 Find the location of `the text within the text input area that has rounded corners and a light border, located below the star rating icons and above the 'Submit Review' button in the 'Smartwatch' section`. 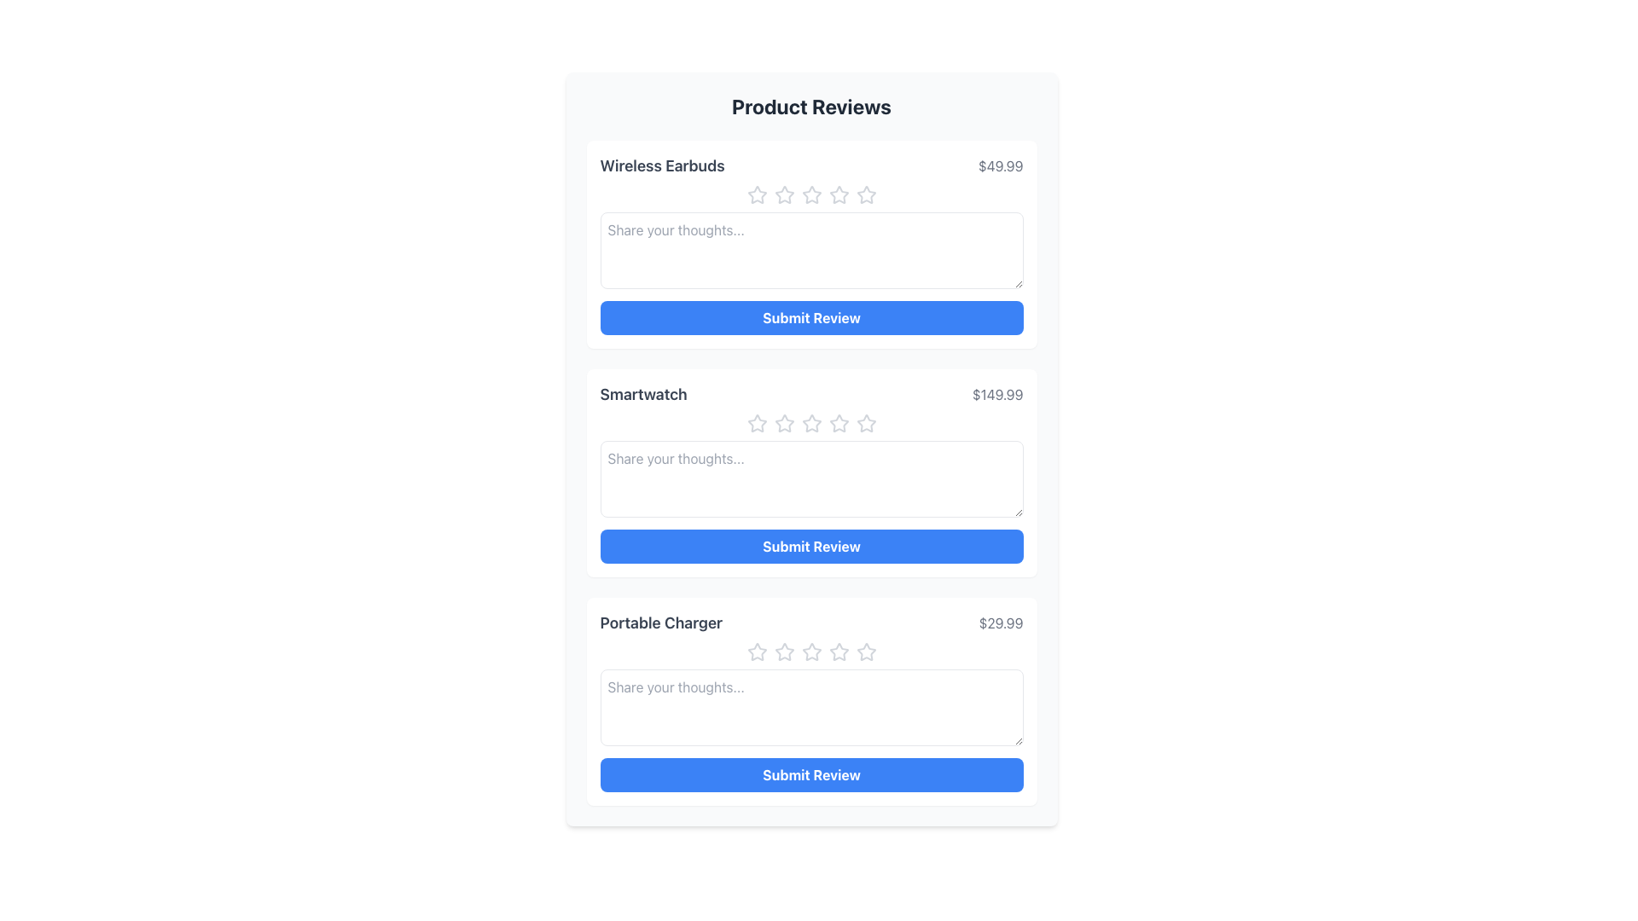

the text within the text input area that has rounded corners and a light border, located below the star rating icons and above the 'Submit Review' button in the 'Smartwatch' section is located at coordinates (810, 479).